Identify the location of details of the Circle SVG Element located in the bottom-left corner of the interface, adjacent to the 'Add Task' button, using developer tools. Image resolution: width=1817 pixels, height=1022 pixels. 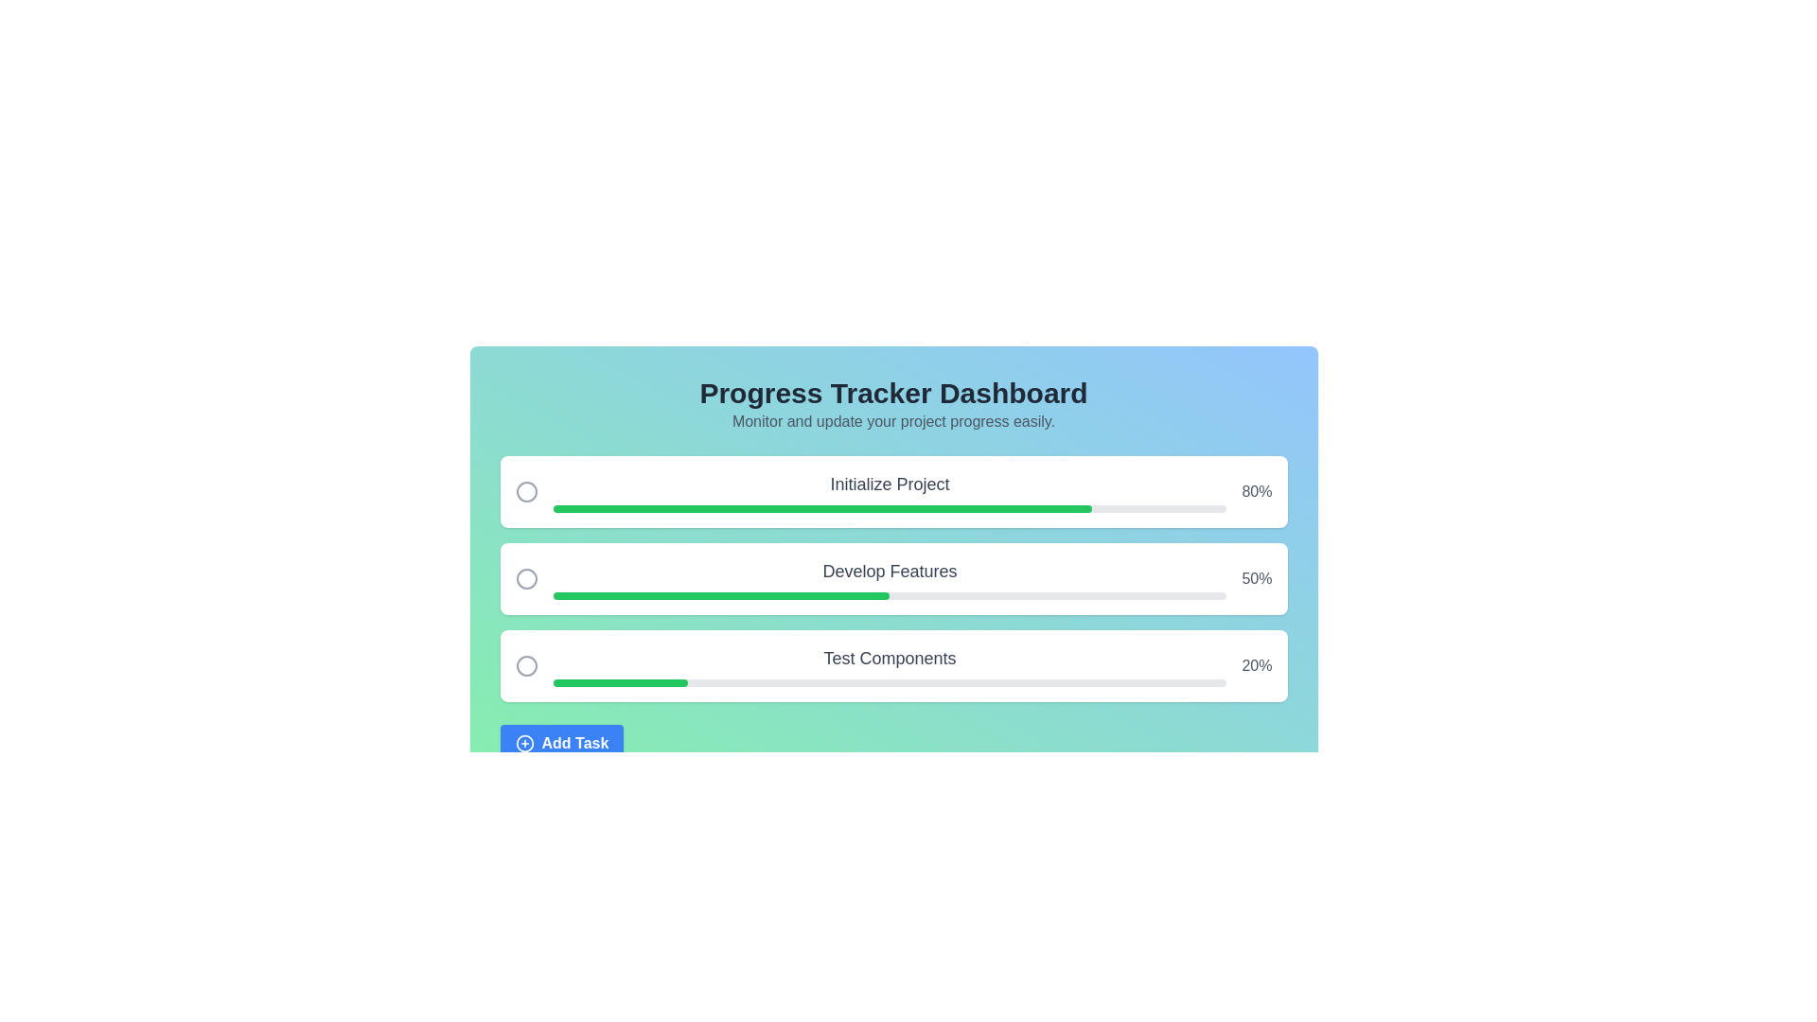
(524, 743).